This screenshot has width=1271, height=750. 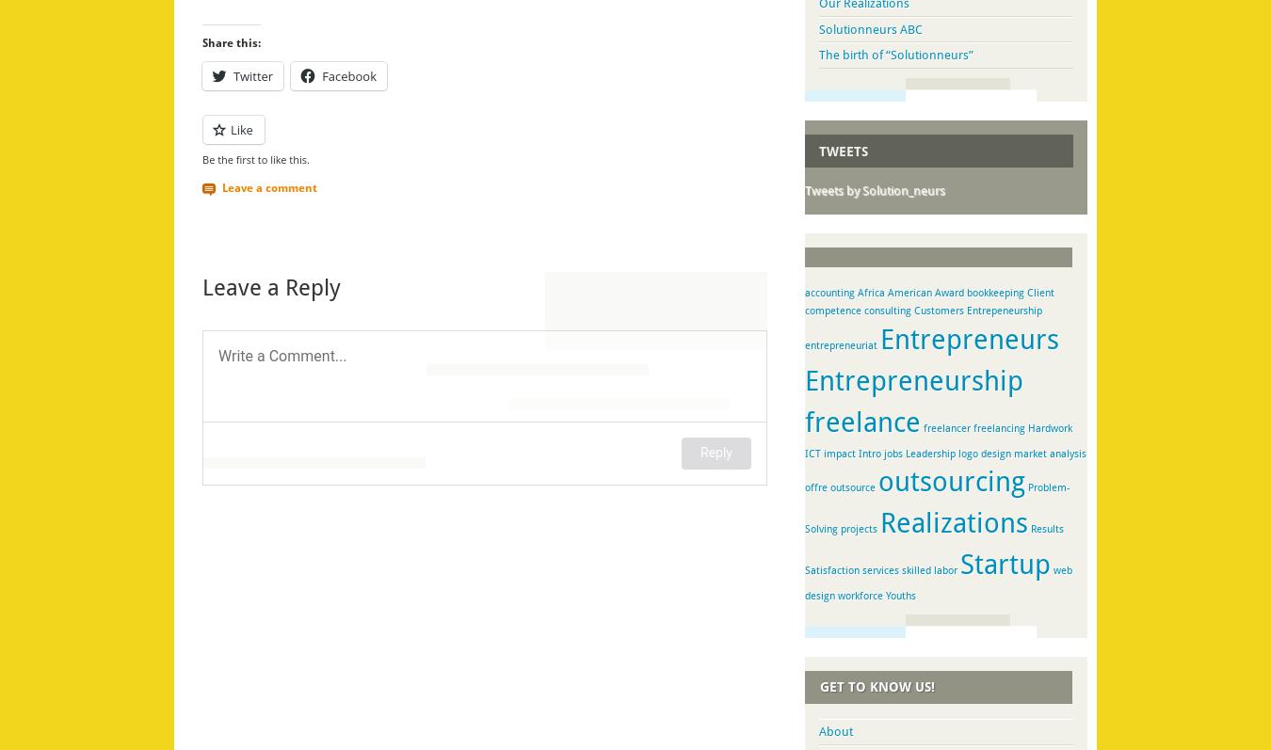 I want to click on 'outsourcing', so click(x=951, y=480).